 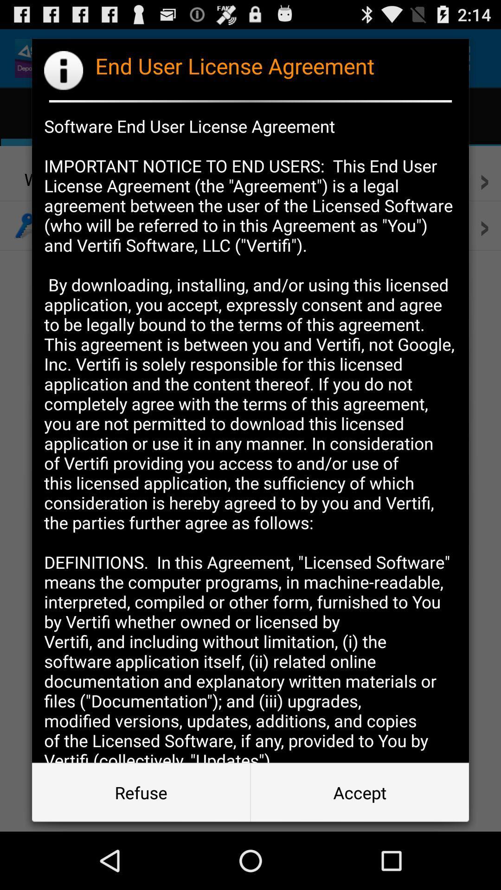 What do you see at coordinates (359, 792) in the screenshot?
I see `app below software end user app` at bounding box center [359, 792].